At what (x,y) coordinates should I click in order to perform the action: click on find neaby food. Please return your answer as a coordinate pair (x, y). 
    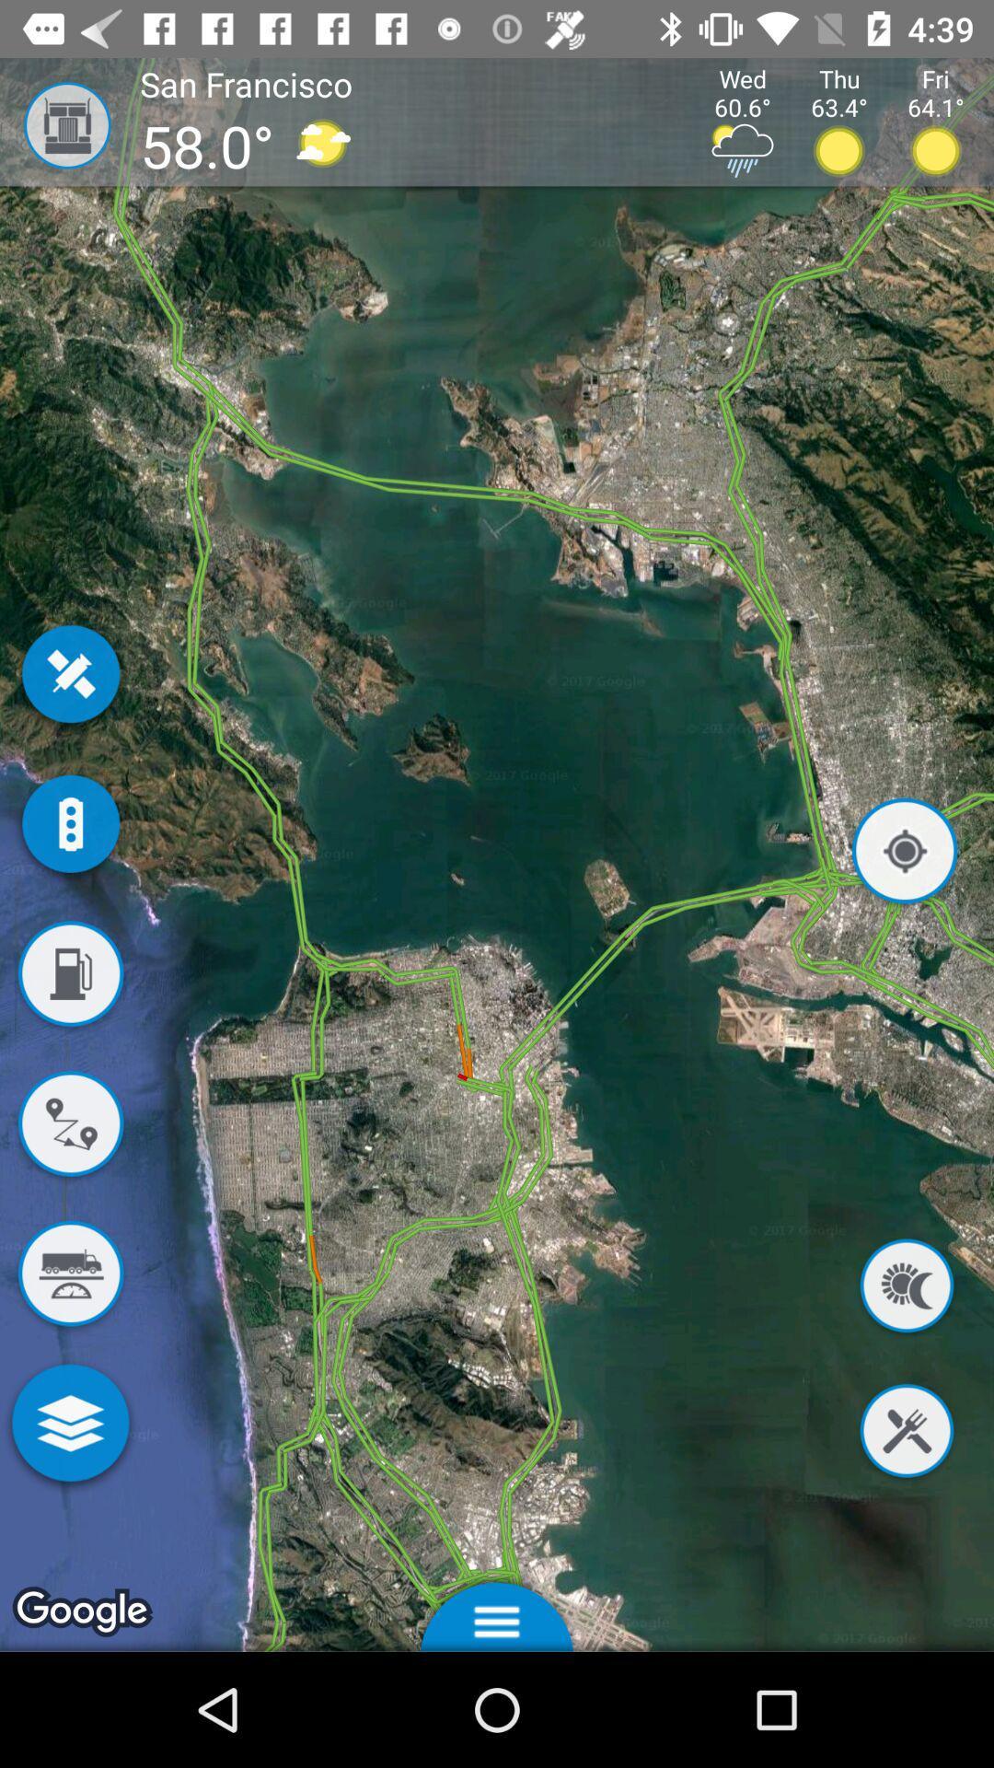
    Looking at the image, I should click on (906, 1433).